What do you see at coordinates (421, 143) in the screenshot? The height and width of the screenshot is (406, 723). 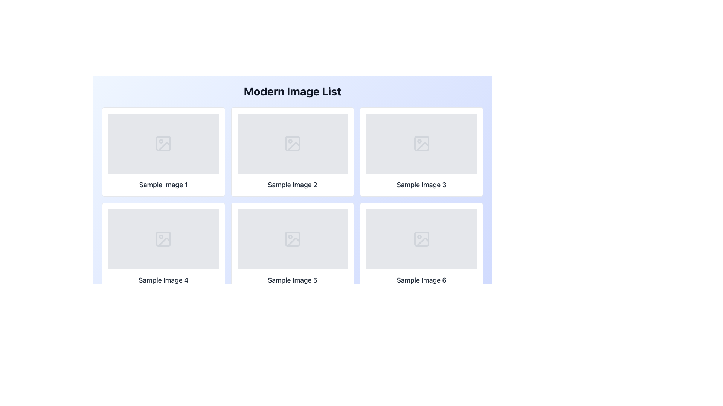 I see `the small gray rectangle with rounded corners that serves as a graphical placeholder, located in the top-left section of the 'Sample Image 3' within a grid of six images` at bounding box center [421, 143].